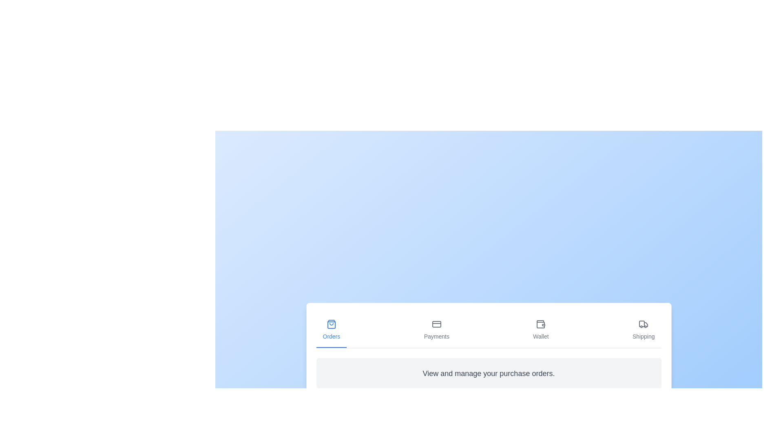 The image size is (783, 440). What do you see at coordinates (331, 323) in the screenshot?
I see `the shopping bag icon located at the top center of the 'Orders' tab` at bounding box center [331, 323].